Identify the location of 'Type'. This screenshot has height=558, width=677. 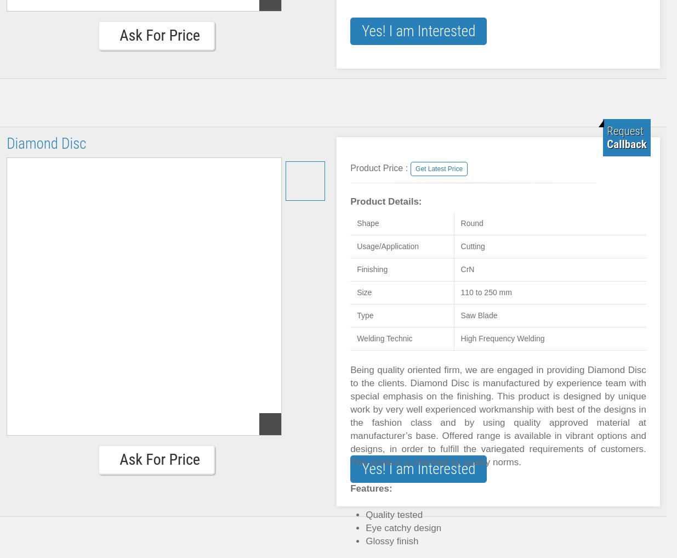
(365, 315).